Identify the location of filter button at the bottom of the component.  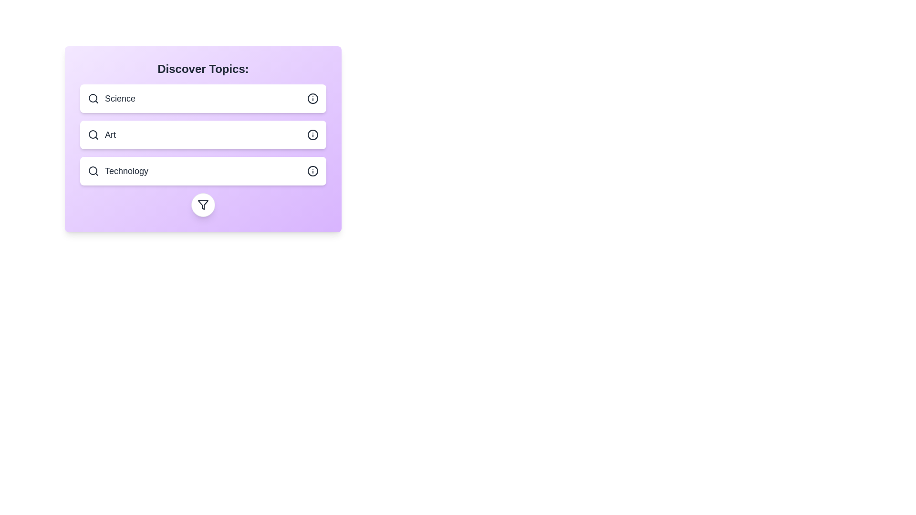
(203, 204).